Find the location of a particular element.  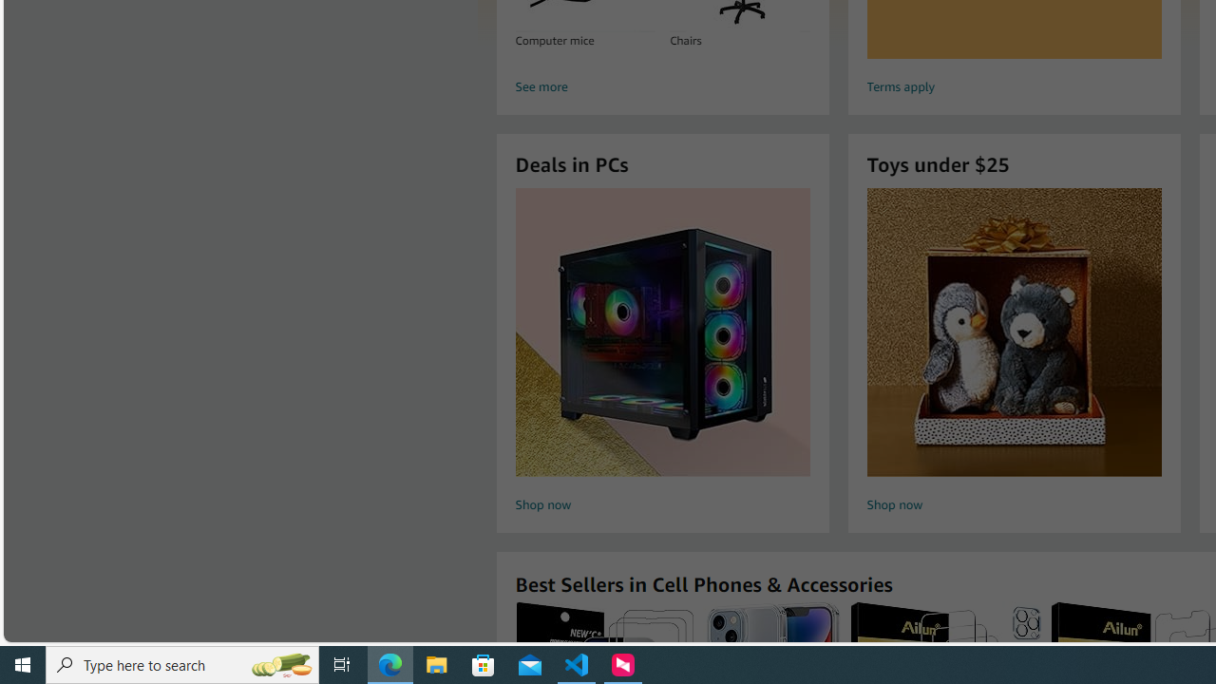

'See more' is located at coordinates (661, 87).